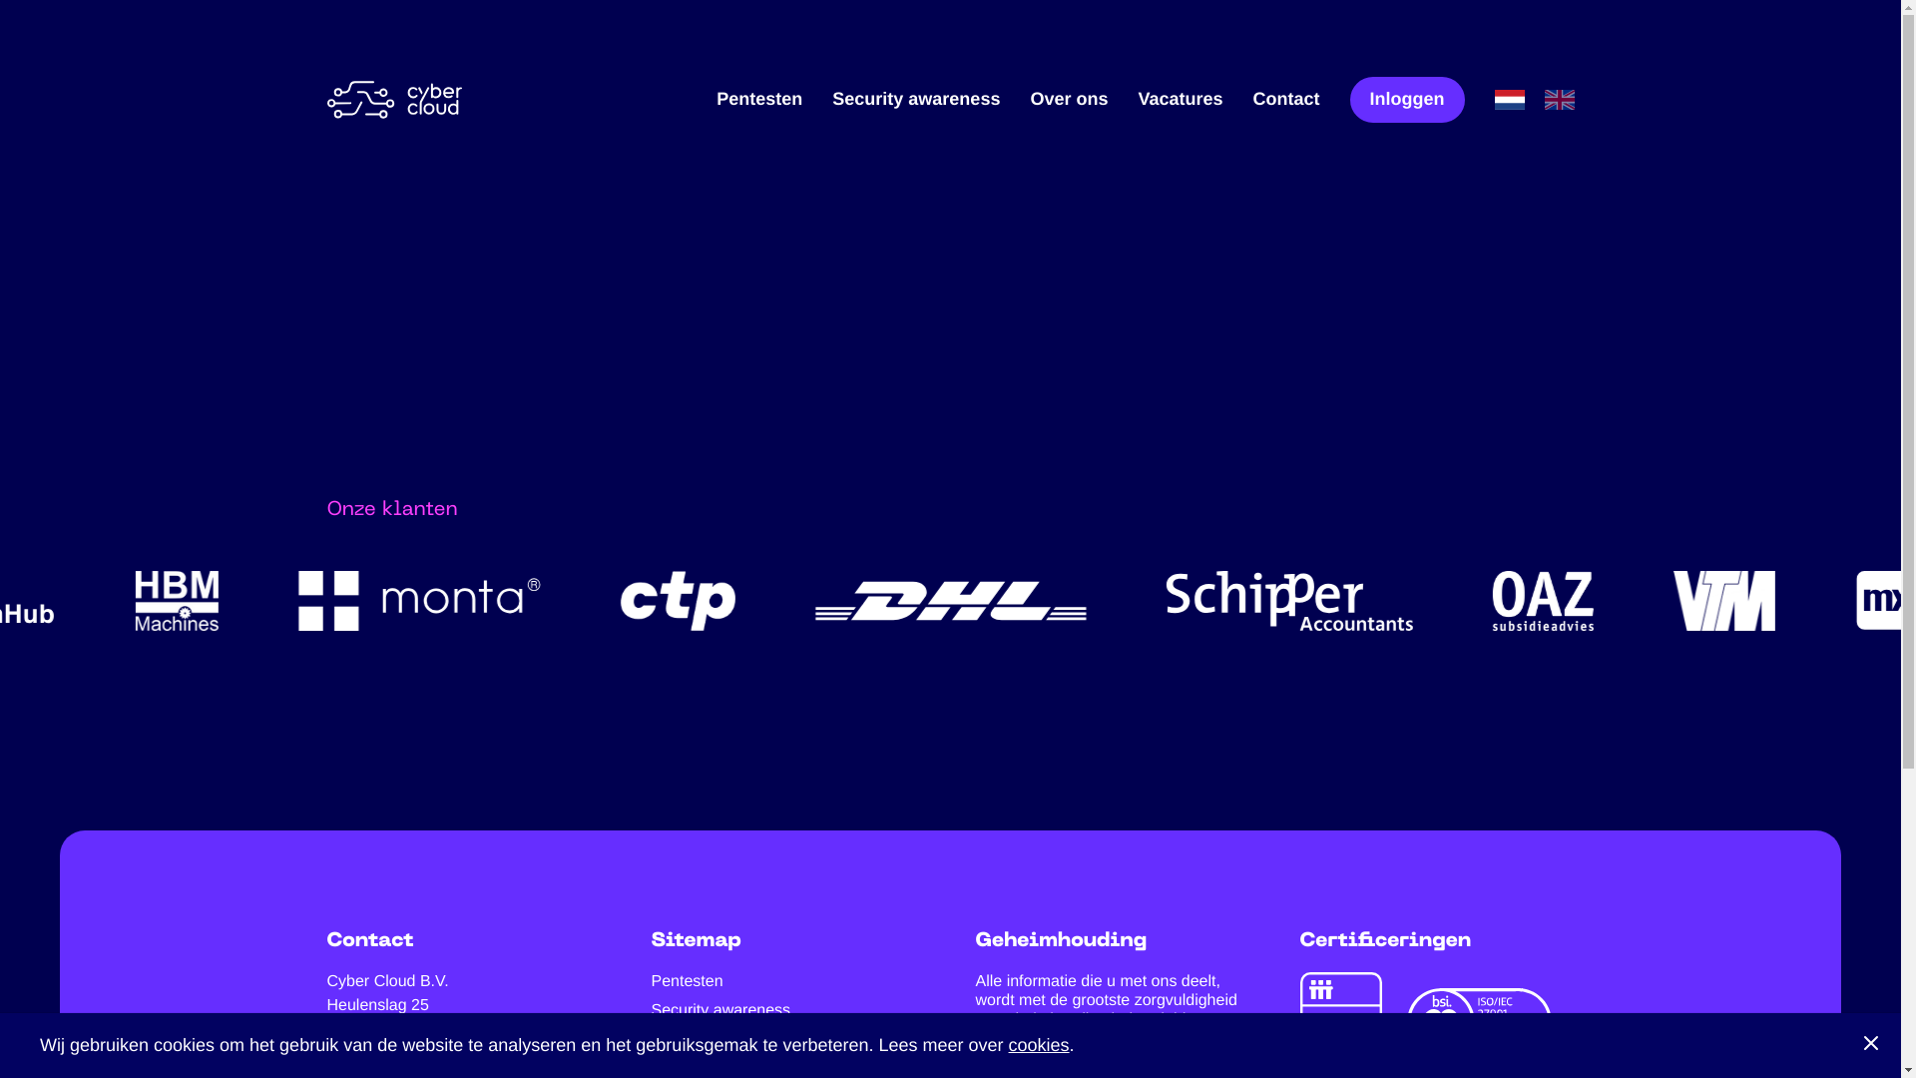  Describe the element at coordinates (1349, 99) in the screenshot. I see `'Inloggen'` at that location.